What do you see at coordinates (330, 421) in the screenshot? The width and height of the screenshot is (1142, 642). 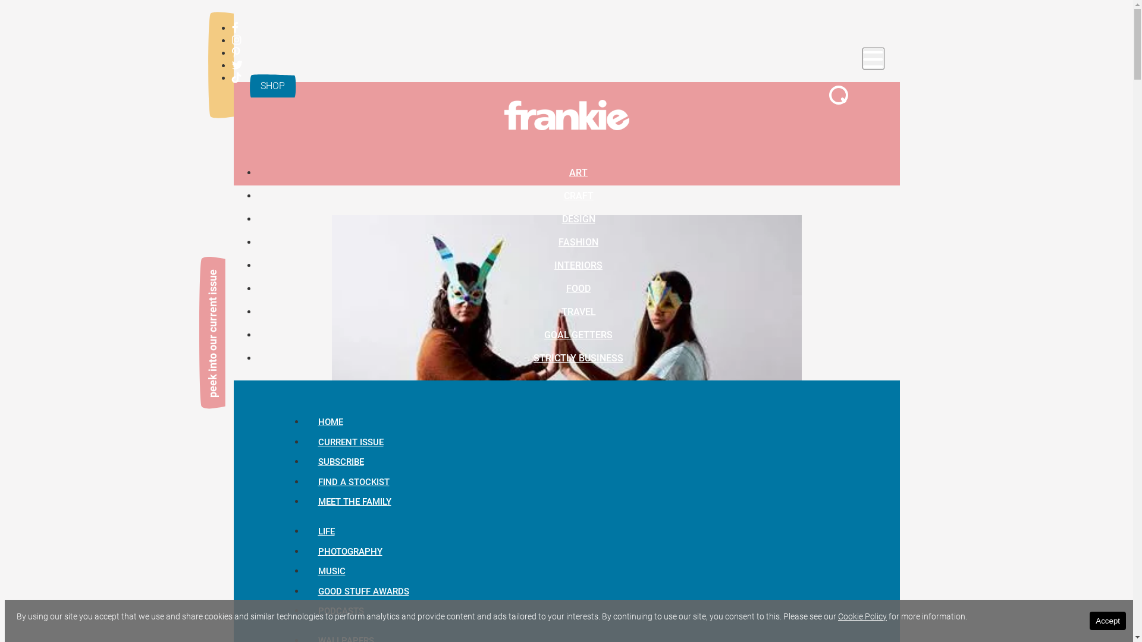 I see `'HOME'` at bounding box center [330, 421].